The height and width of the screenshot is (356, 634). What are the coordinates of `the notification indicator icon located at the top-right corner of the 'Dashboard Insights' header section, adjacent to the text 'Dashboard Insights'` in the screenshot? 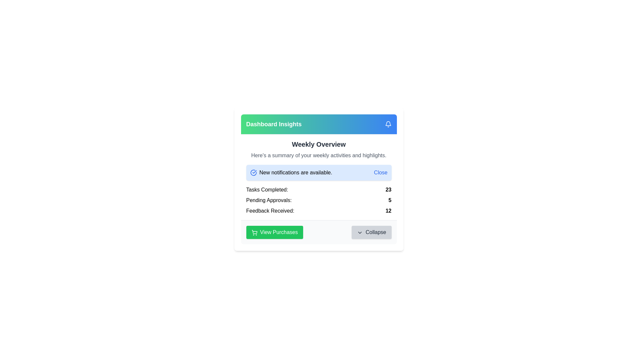 It's located at (388, 124).